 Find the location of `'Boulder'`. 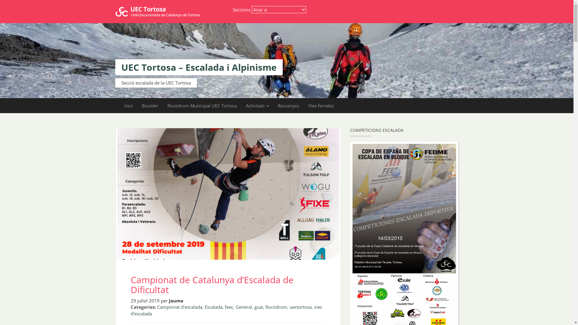

'Boulder' is located at coordinates (150, 105).